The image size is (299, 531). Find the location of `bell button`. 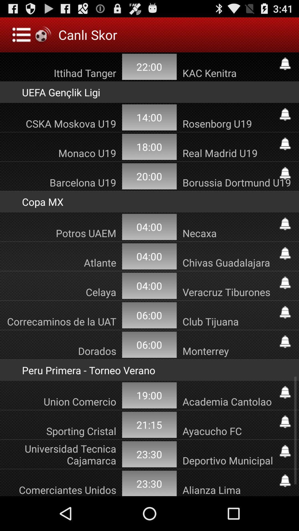

bell button is located at coordinates (285, 114).